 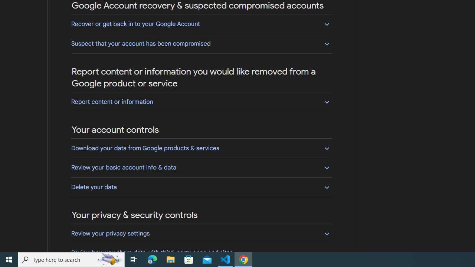 I want to click on 'Review your basic account info & data', so click(x=201, y=167).